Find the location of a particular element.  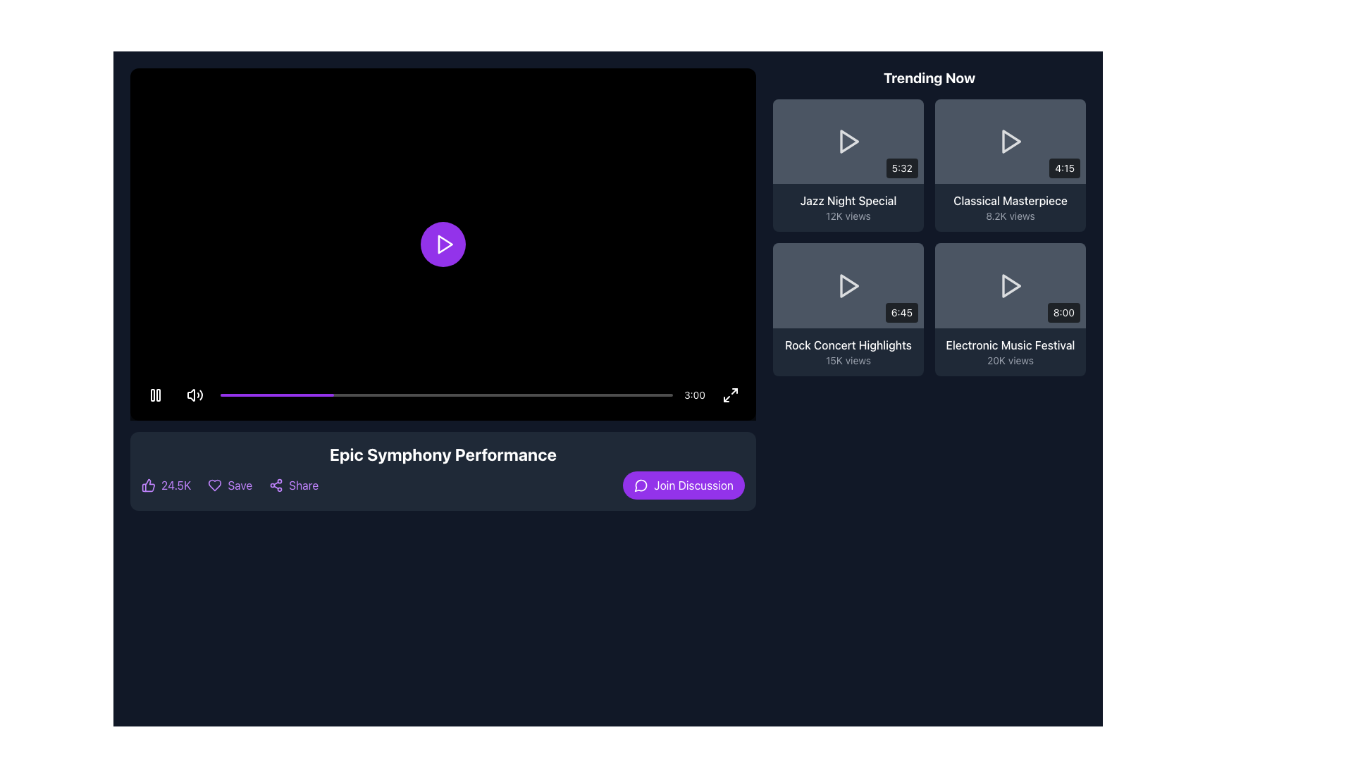

the video thumbnail featuring a gray background and a play icon is located at coordinates (848, 285).